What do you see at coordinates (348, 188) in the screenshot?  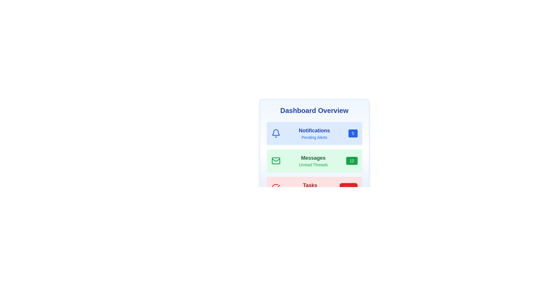 I see `the button located in the lower right corner of the 'Tasks' card to visualize the hover effect` at bounding box center [348, 188].